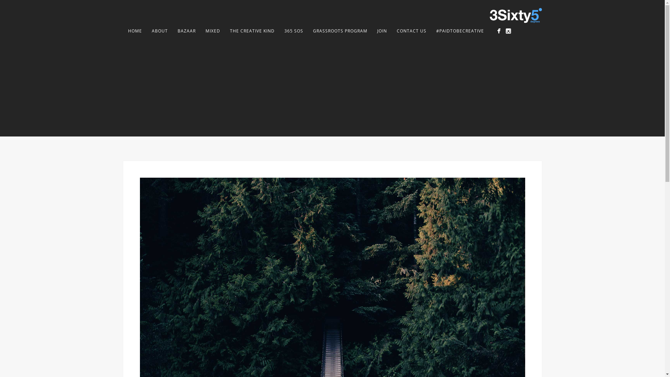 This screenshot has height=377, width=670. I want to click on 'HOME', so click(134, 30).